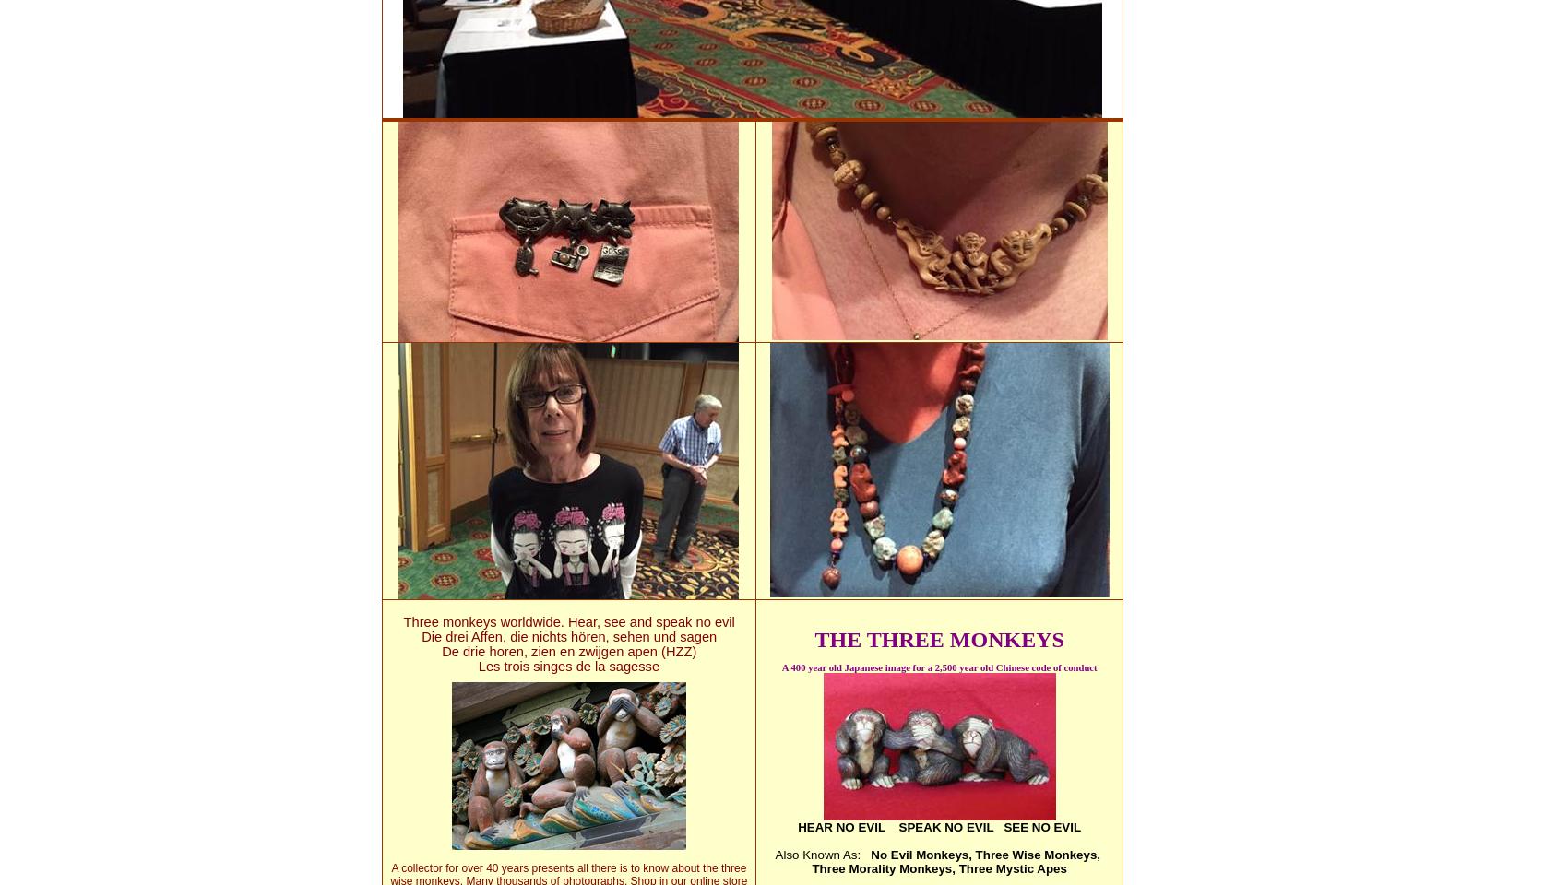  I want to click on 'Die drei Affen, die nichts hören,
  sehen und sagen', so click(567, 637).